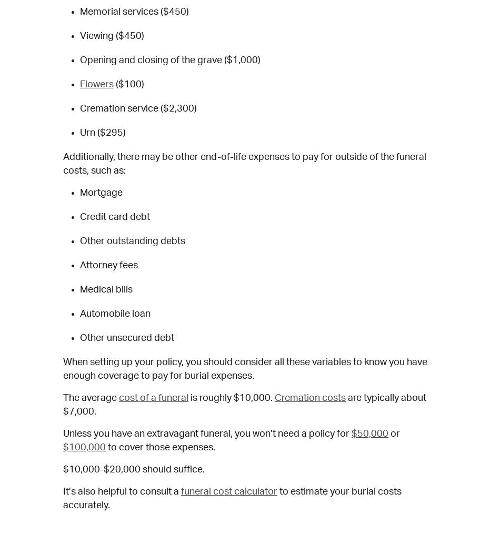 The width and height of the screenshot is (500, 544). I want to click on 'to cover those expenses.', so click(160, 447).